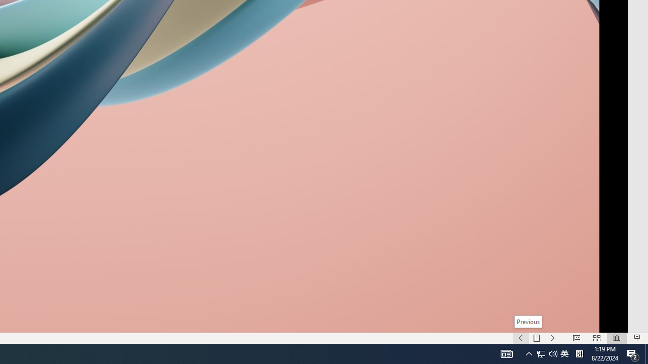 The image size is (648, 364). I want to click on 'Previous', so click(528, 322).